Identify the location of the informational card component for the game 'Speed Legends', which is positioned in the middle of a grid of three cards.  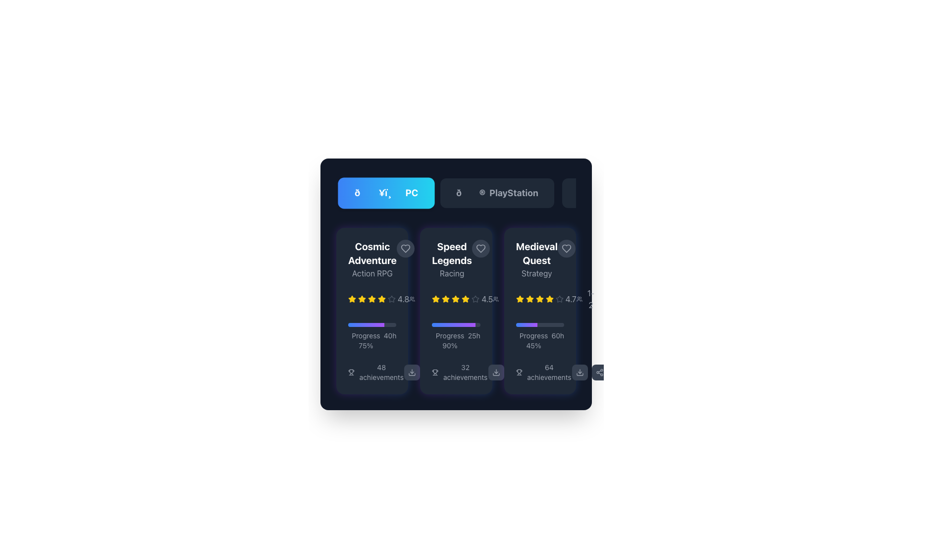
(456, 311).